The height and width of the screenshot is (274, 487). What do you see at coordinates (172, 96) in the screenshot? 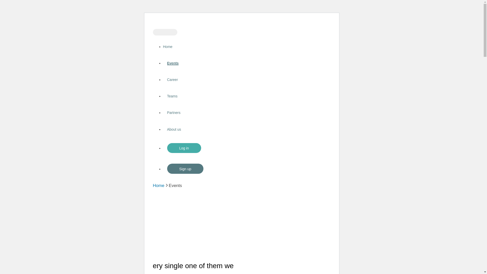
I see `'Teams'` at bounding box center [172, 96].